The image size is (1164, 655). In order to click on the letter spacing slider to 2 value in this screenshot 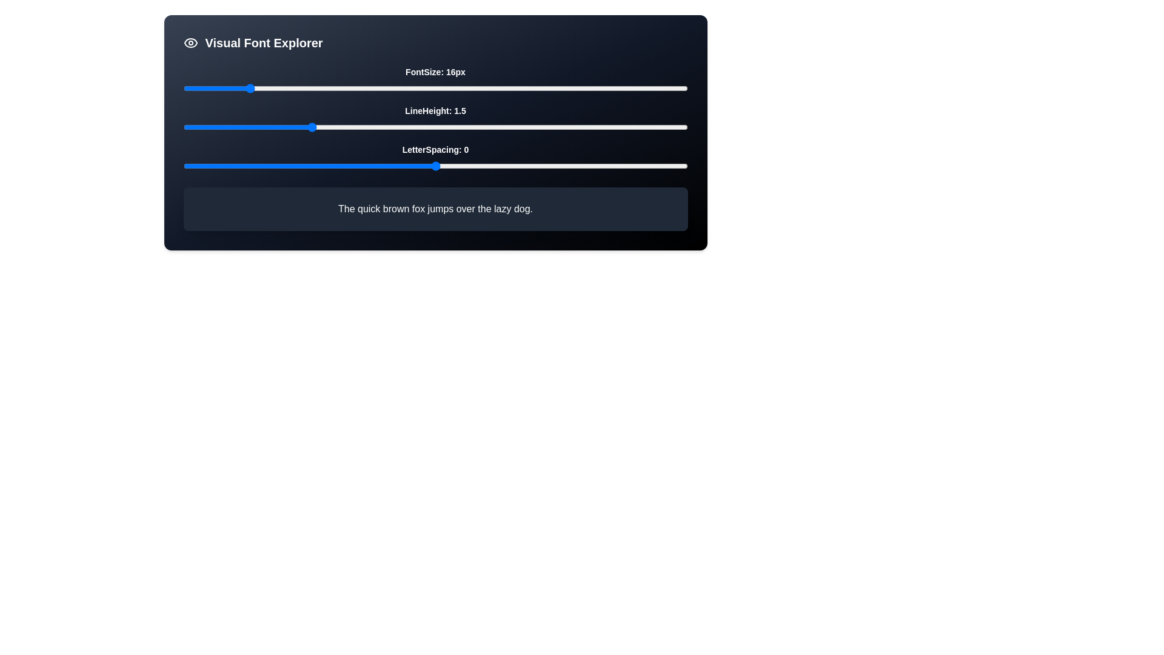, I will do `click(535, 166)`.